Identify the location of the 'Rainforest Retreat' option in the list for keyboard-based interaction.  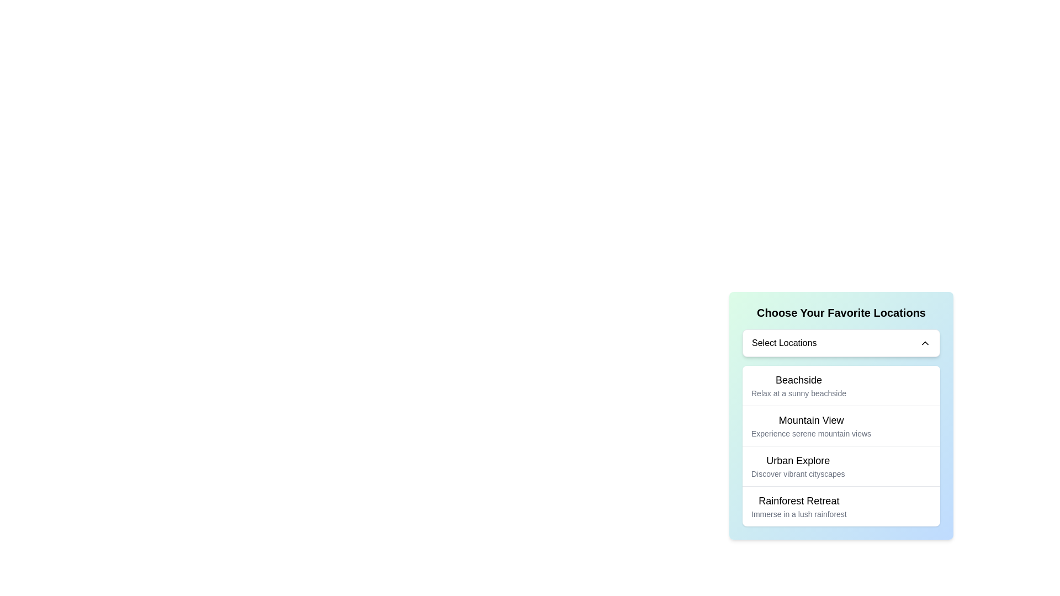
(840, 506).